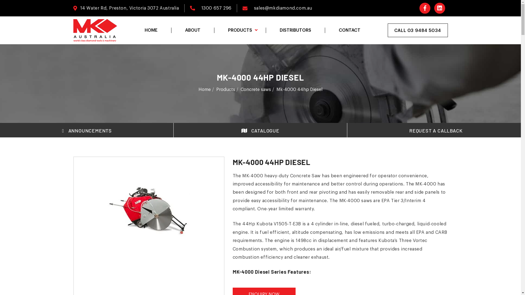  What do you see at coordinates (417, 30) in the screenshot?
I see `'CALL 03 9484 5034'` at bounding box center [417, 30].